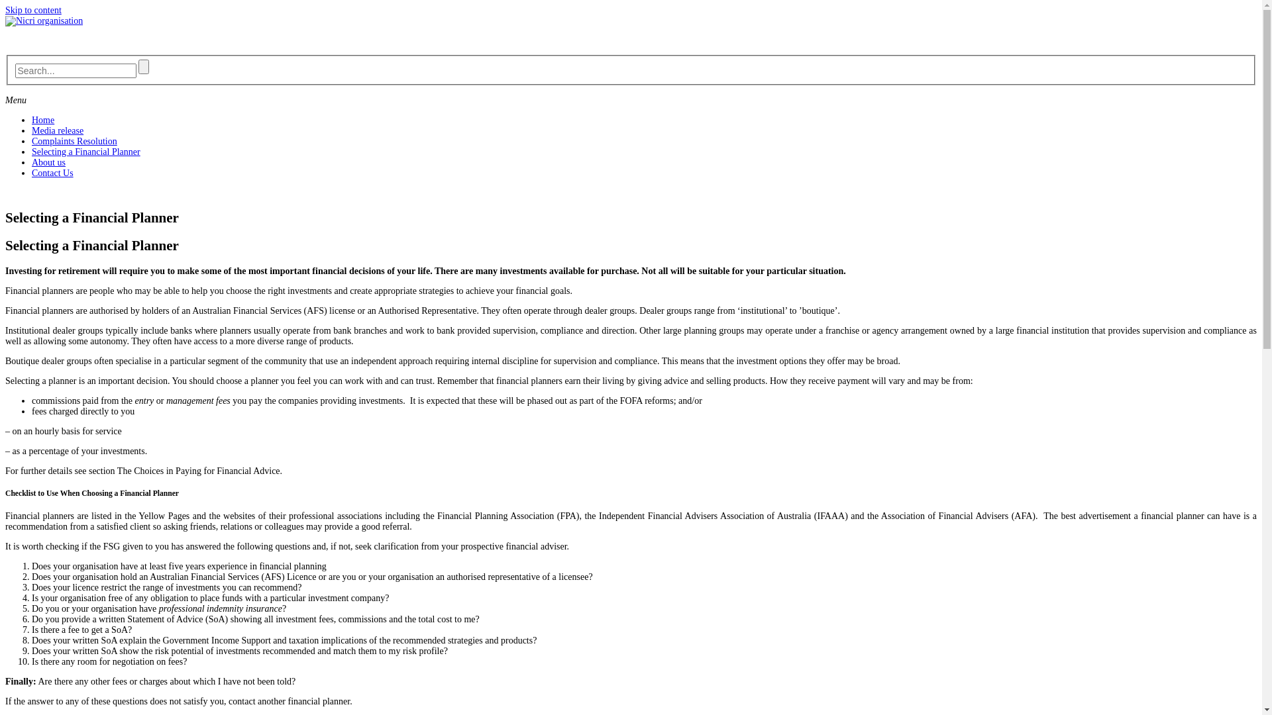 The height and width of the screenshot is (715, 1272). What do you see at coordinates (74, 71) in the screenshot?
I see `'Search for:'` at bounding box center [74, 71].